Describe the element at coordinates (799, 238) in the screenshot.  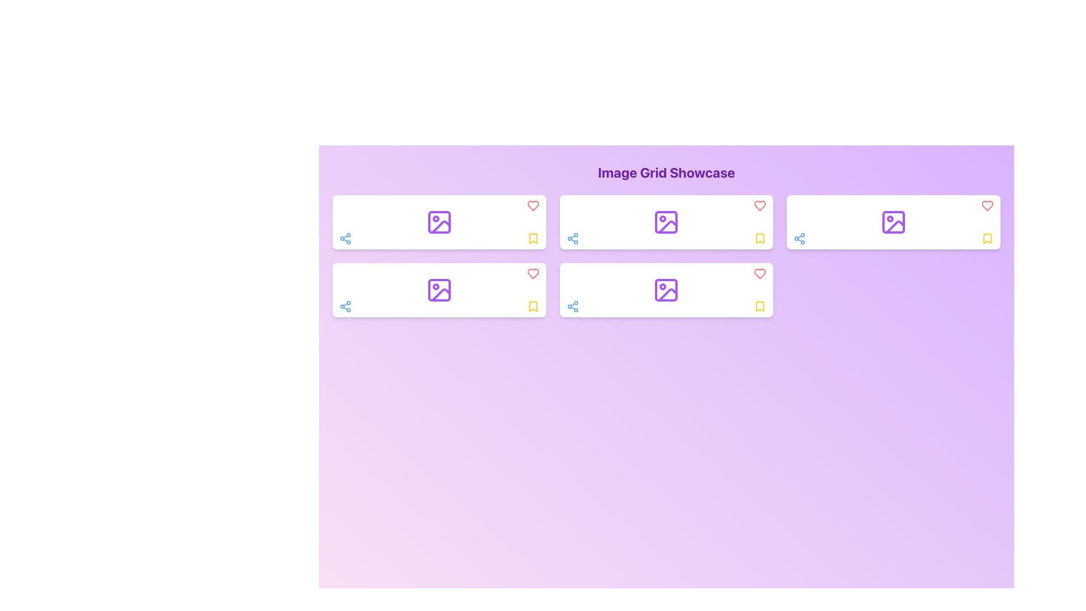
I see `the blue icon resembling a connected nodes diagram located at the bottom-left of the fourth card in the top row of the grid to share` at that location.